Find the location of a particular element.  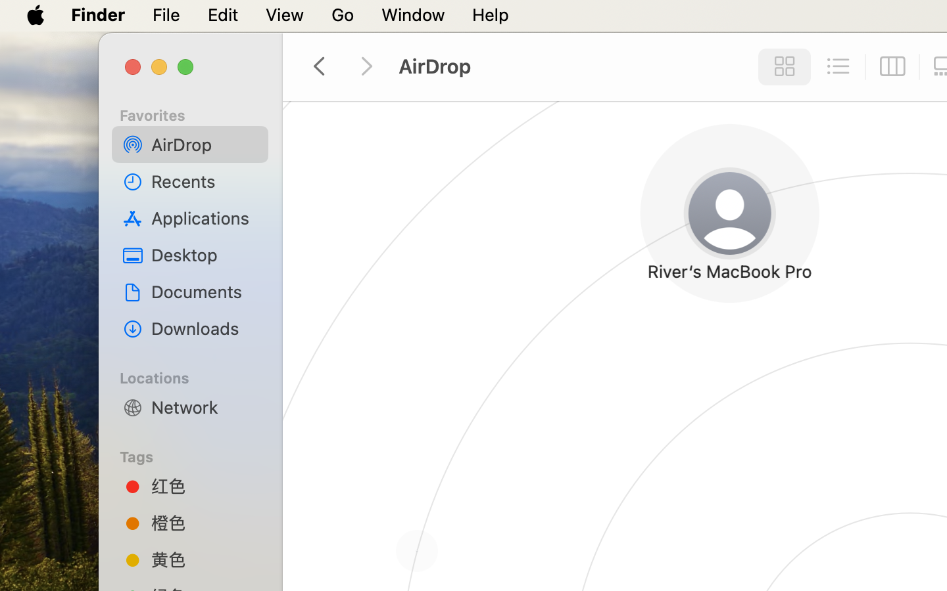

'Recents' is located at coordinates (205, 181).